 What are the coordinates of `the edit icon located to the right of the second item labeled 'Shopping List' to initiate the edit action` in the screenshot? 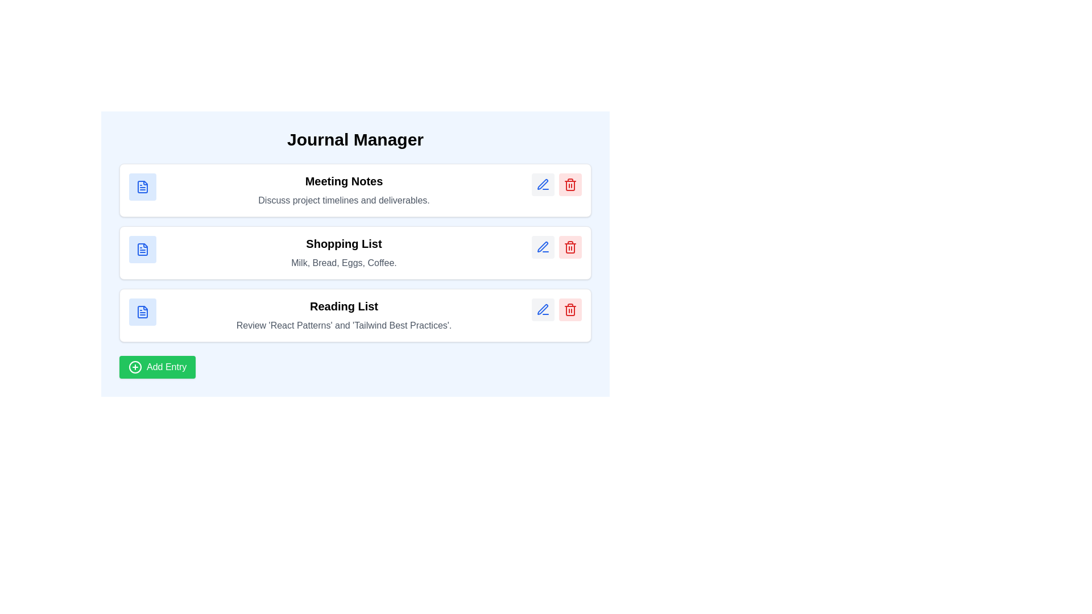 It's located at (543, 247).